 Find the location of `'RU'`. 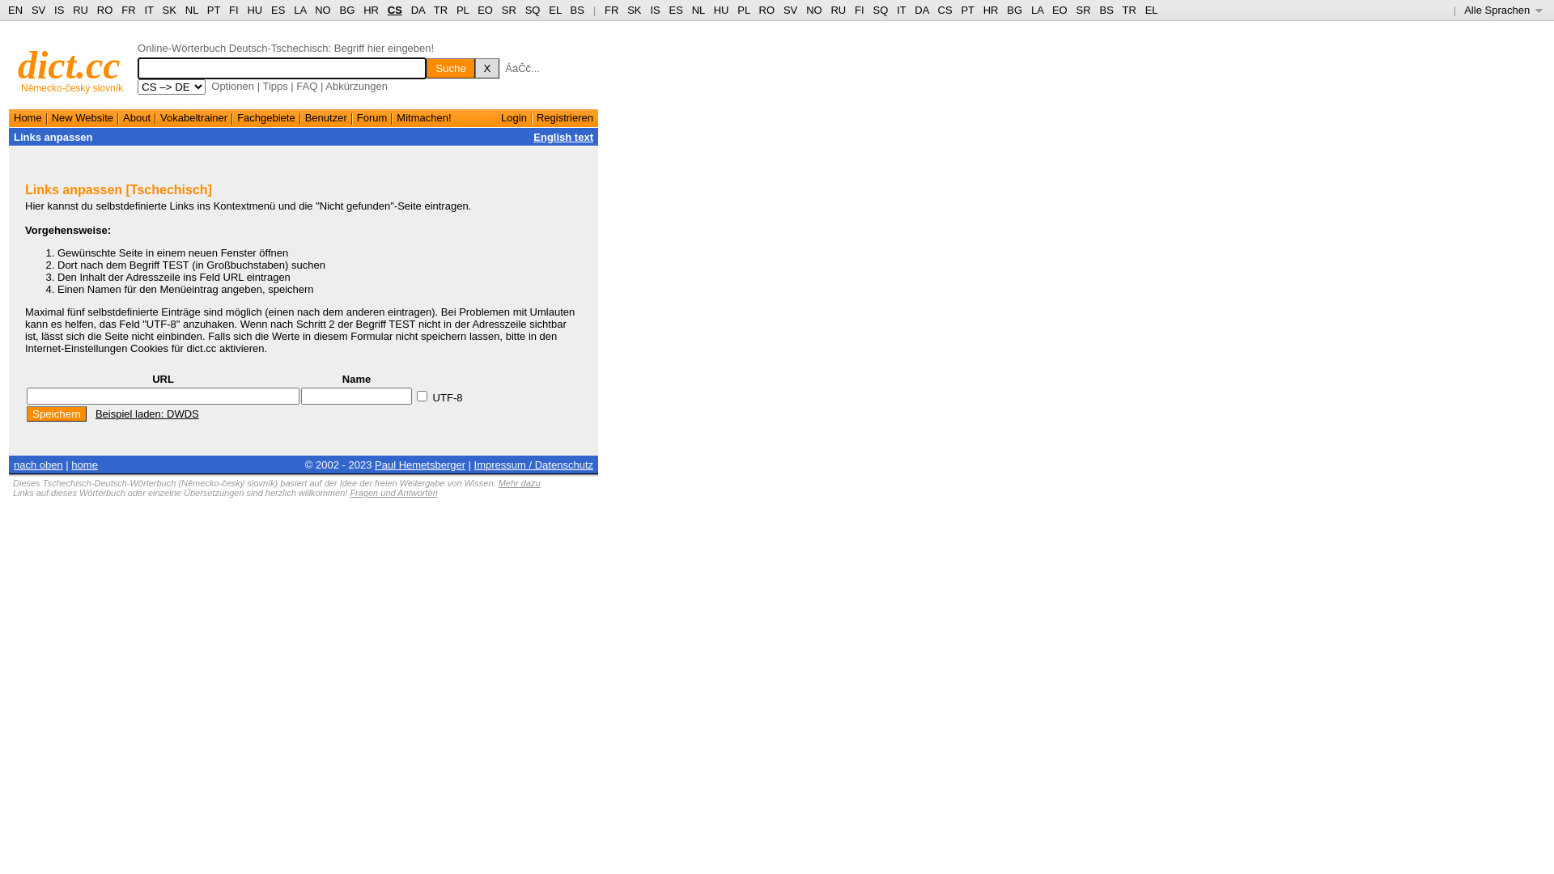

'RU' is located at coordinates (72, 10).